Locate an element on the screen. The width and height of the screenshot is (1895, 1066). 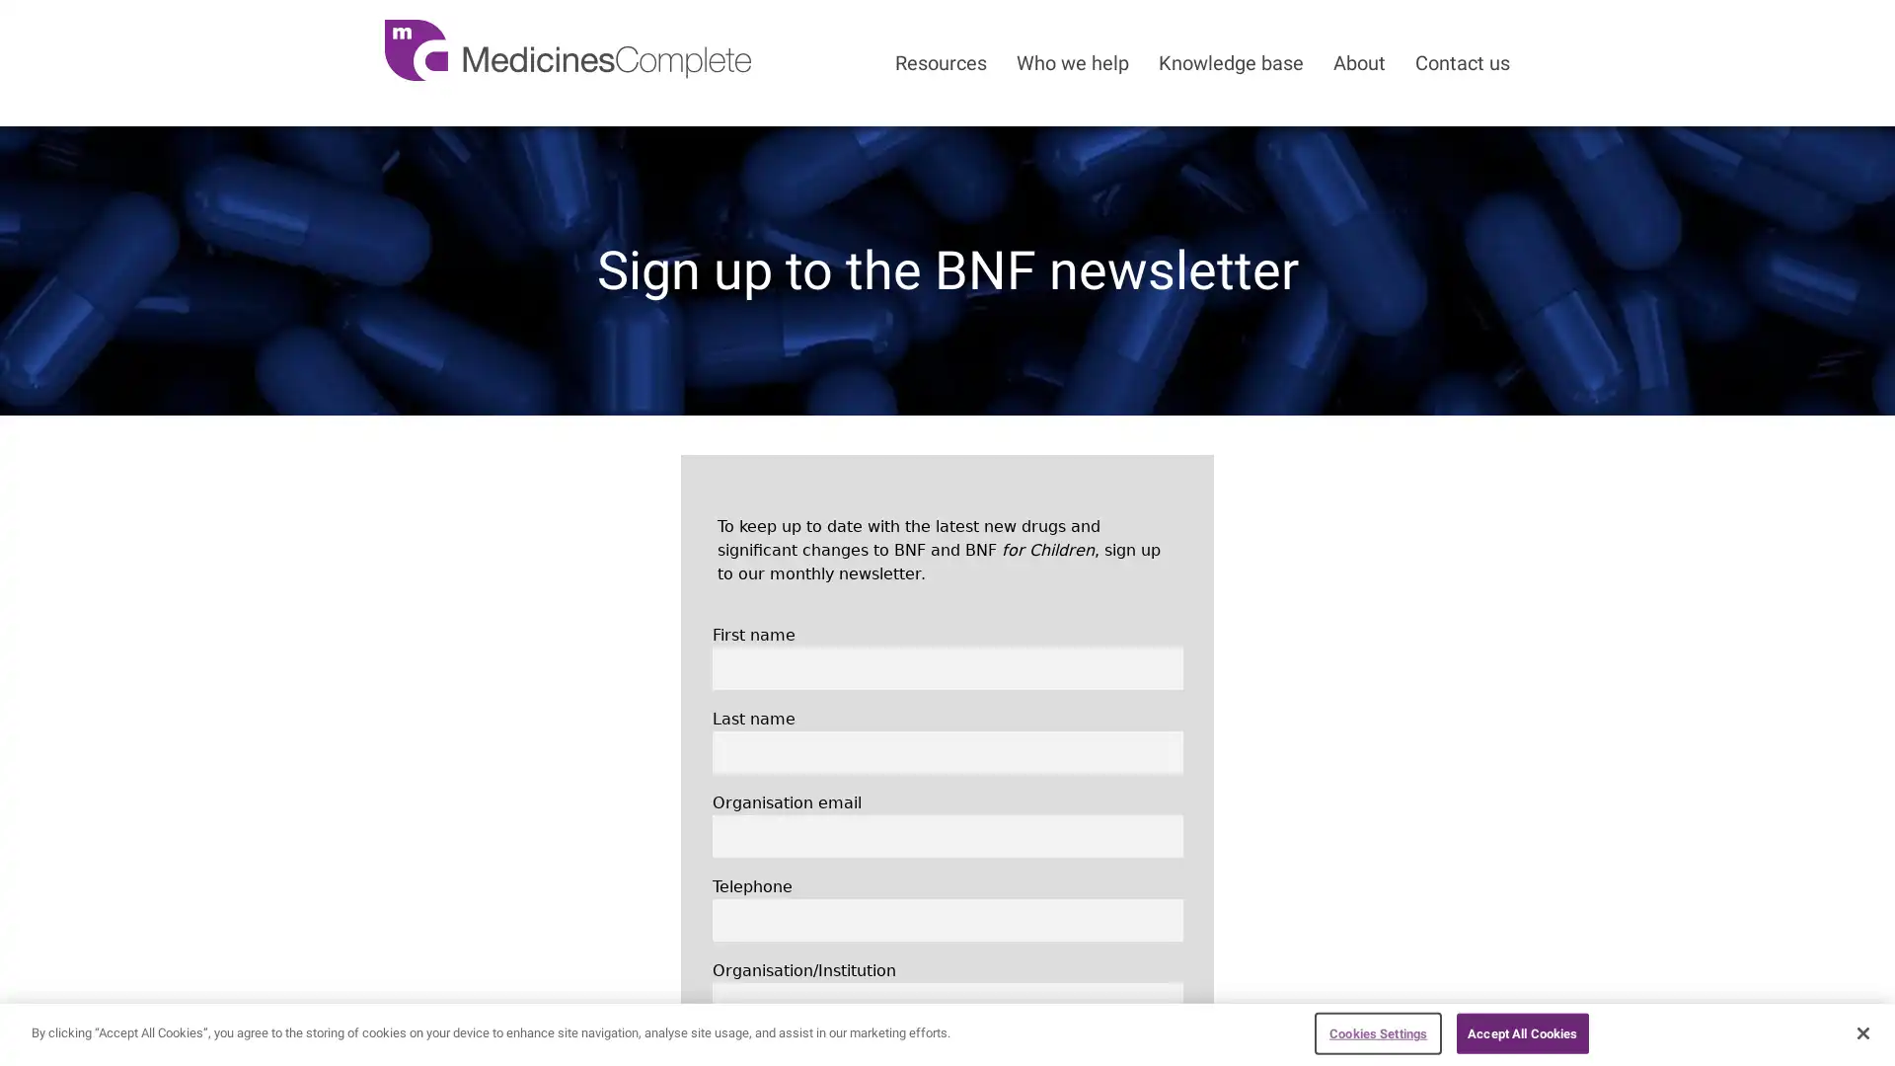
Accept All Cookies is located at coordinates (1521, 1031).